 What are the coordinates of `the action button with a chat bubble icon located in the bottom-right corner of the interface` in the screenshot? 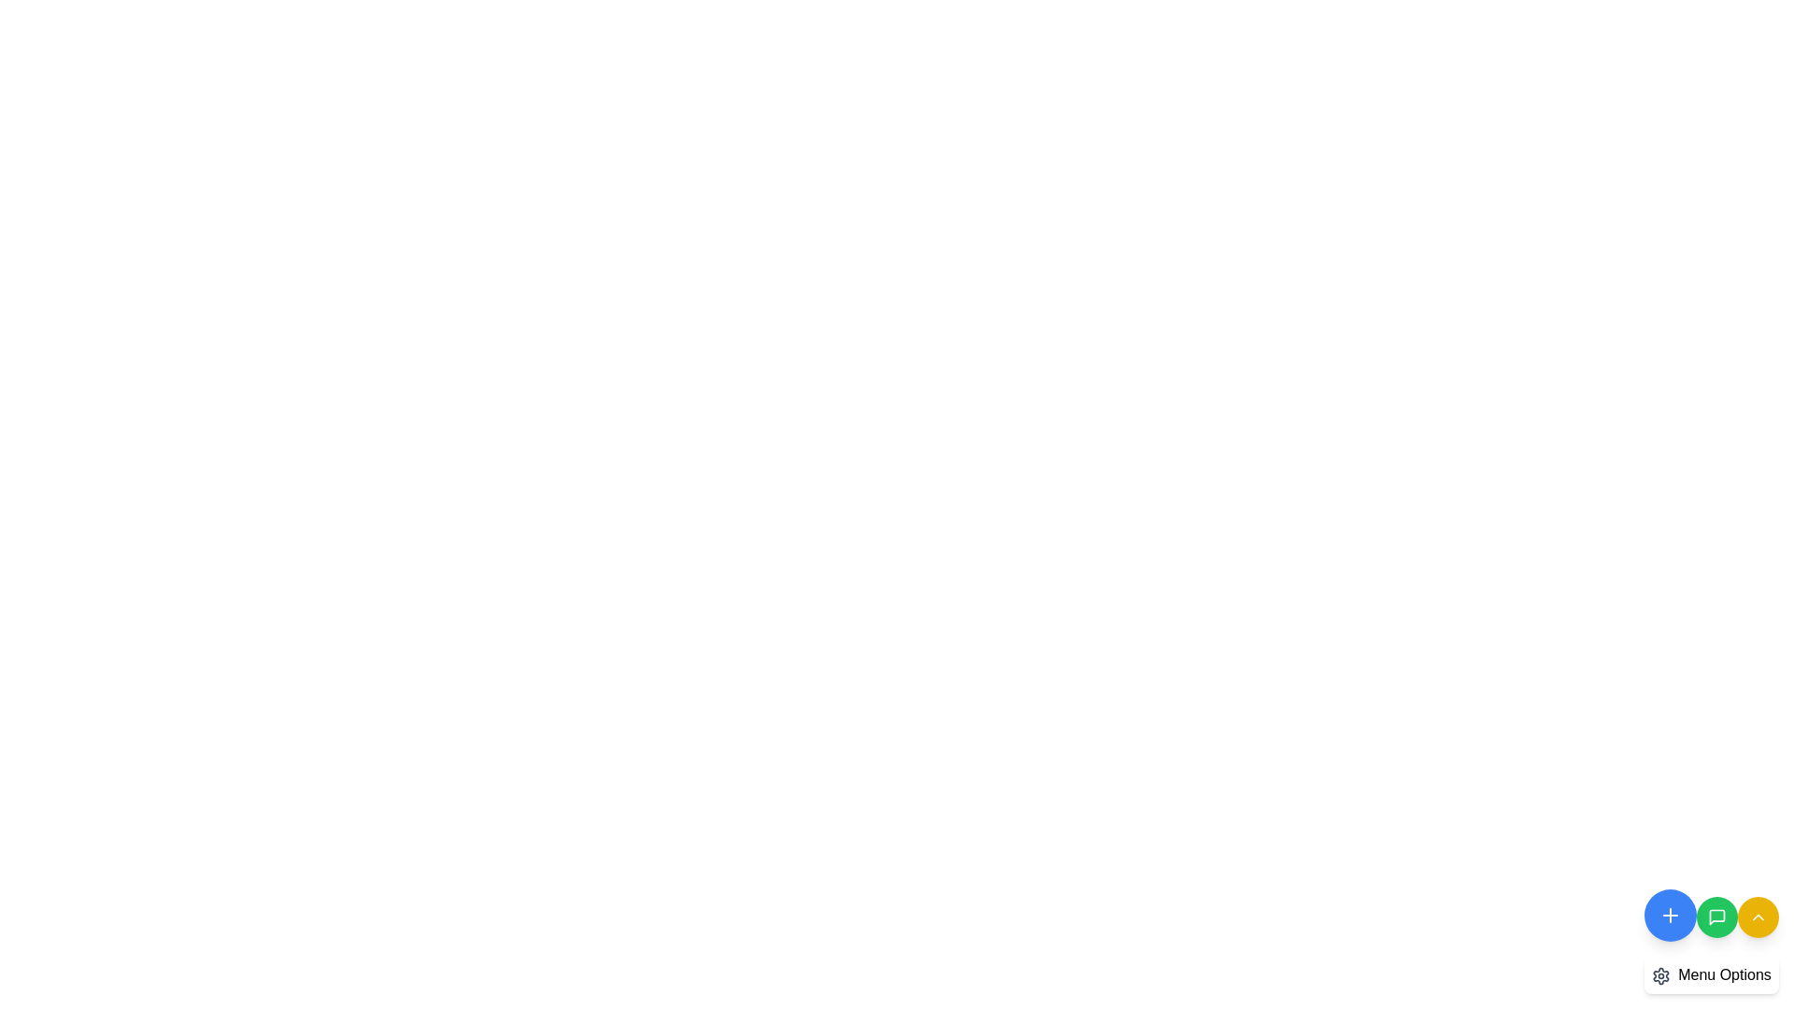 It's located at (1717, 917).